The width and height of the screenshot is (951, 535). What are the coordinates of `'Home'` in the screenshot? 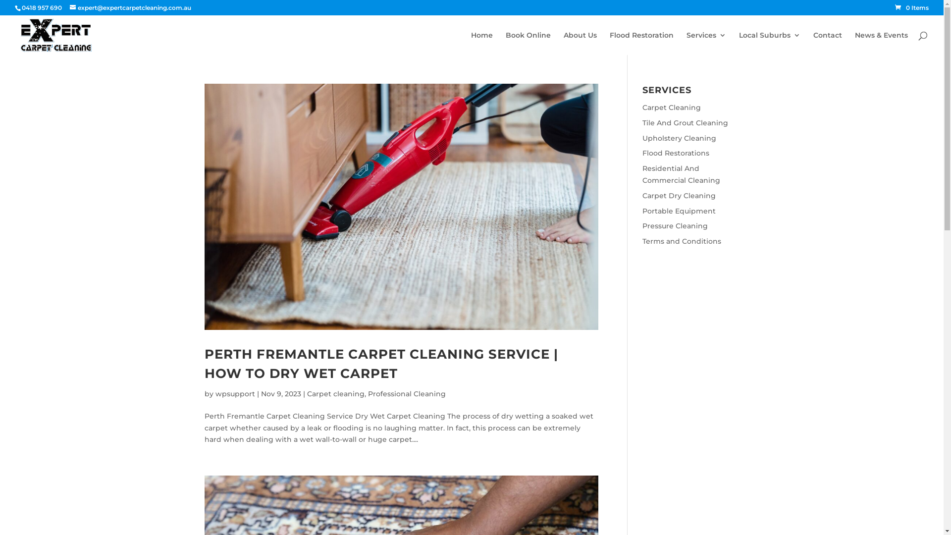 It's located at (482, 43).